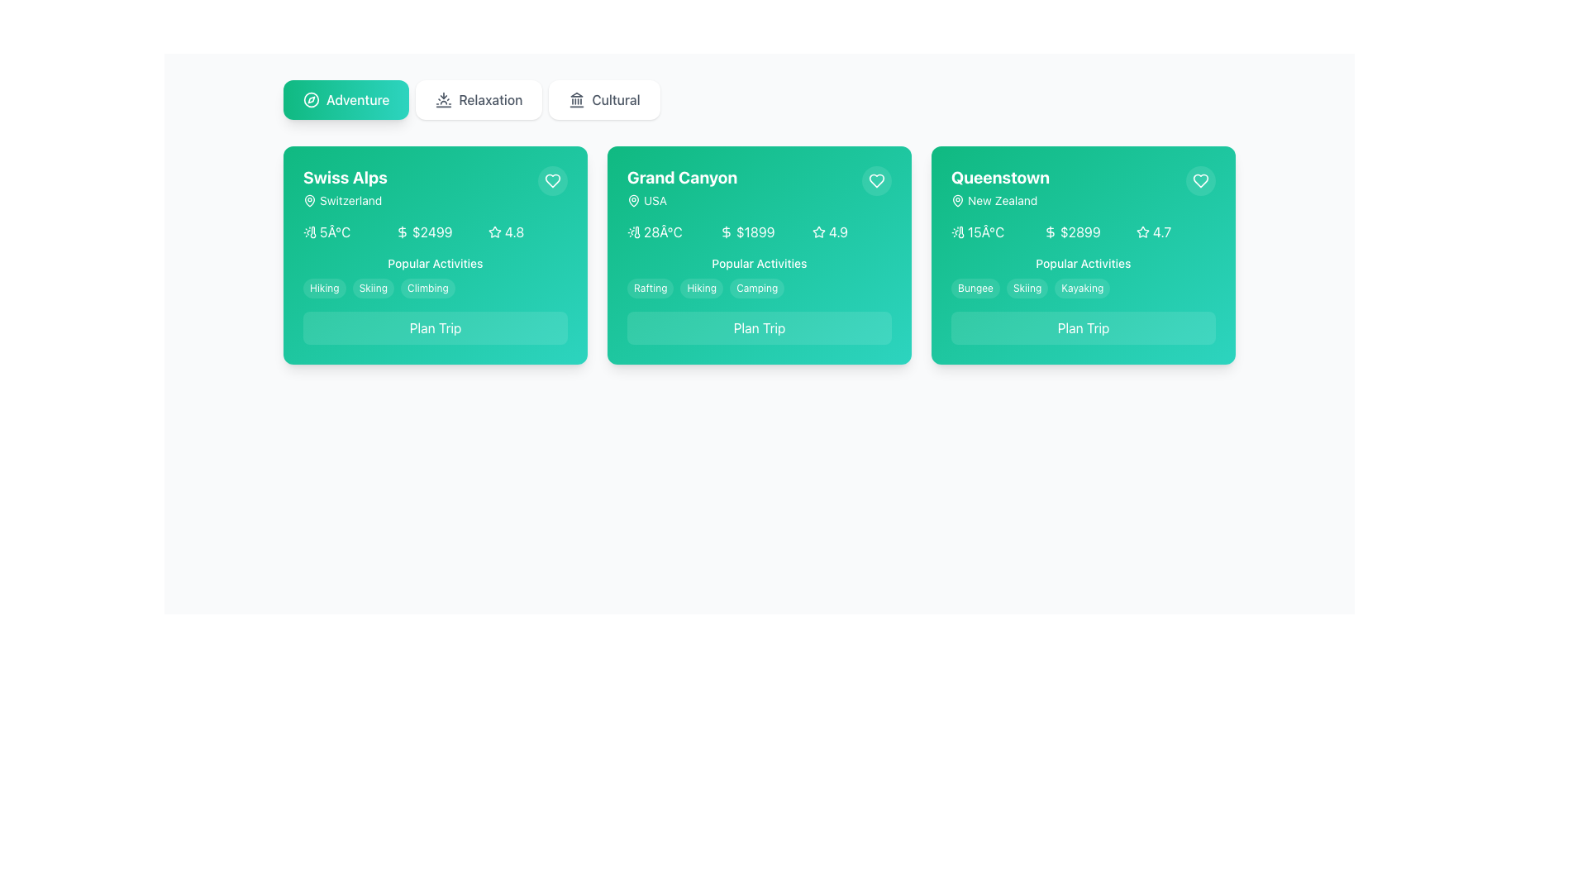 Image resolution: width=1587 pixels, height=893 pixels. What do you see at coordinates (552, 181) in the screenshot?
I see `the heart-shaped toggle button icon in the top-right corner of the 'Swiss Alps' card to mark it as a favorite` at bounding box center [552, 181].